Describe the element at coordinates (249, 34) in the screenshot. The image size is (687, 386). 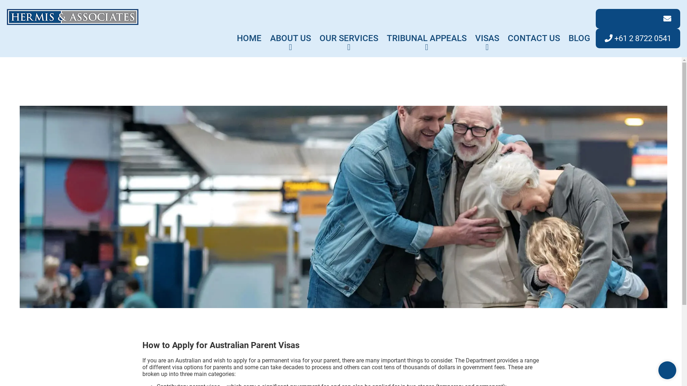
I see `'HOME'` at that location.